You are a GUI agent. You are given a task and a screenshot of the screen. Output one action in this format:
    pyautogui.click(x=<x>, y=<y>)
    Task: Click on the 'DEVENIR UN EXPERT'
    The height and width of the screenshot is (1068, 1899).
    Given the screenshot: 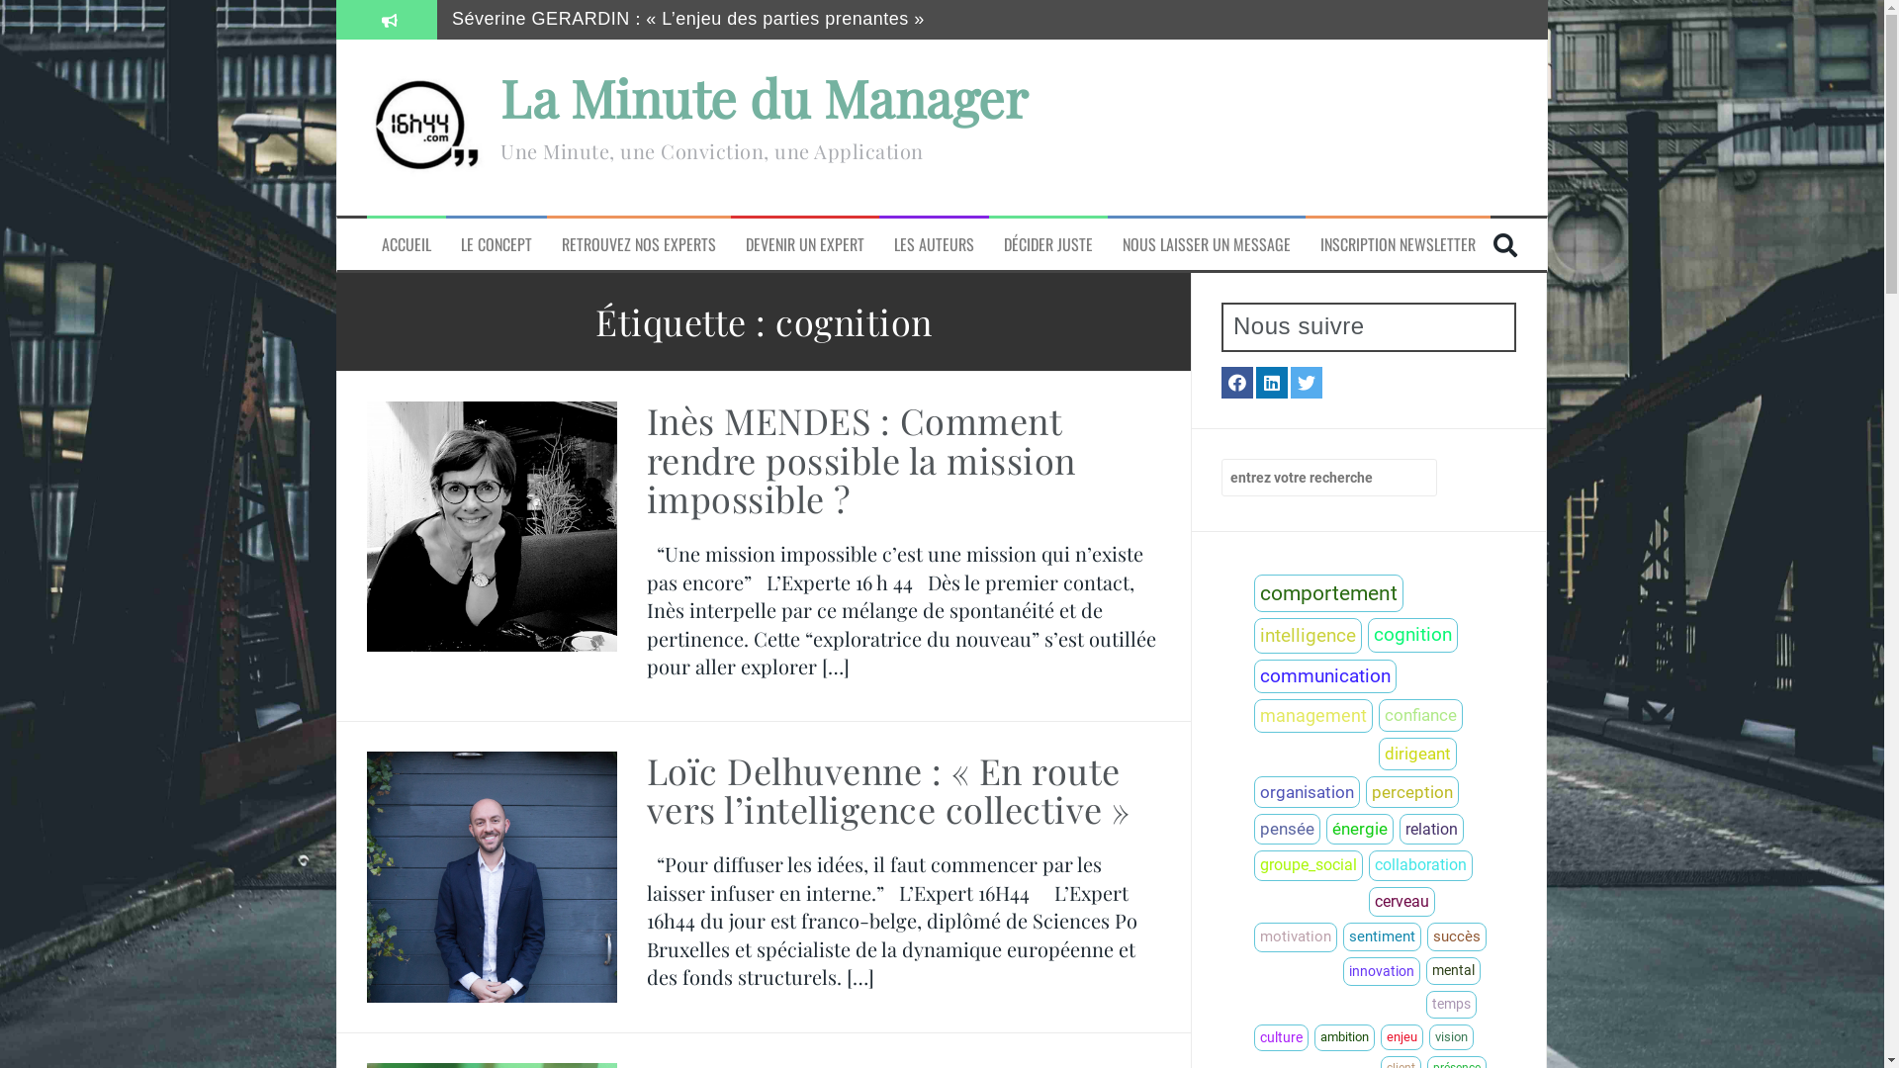 What is the action you would take?
    pyautogui.click(x=805, y=243)
    